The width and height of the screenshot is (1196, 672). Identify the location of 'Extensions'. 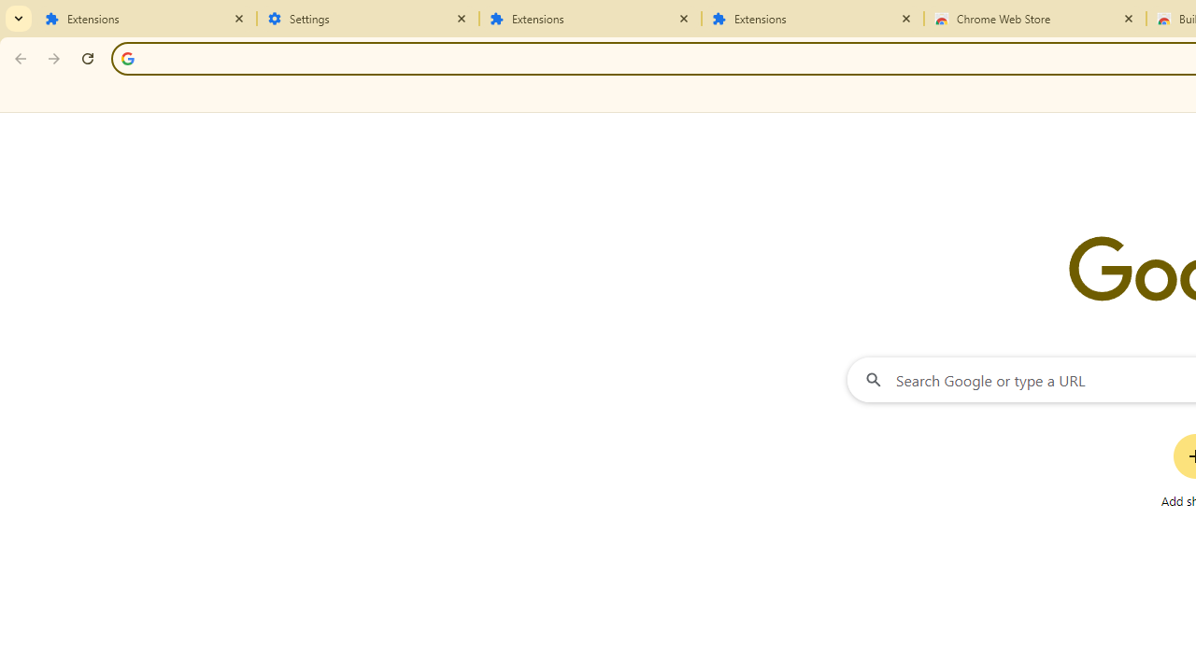
(145, 19).